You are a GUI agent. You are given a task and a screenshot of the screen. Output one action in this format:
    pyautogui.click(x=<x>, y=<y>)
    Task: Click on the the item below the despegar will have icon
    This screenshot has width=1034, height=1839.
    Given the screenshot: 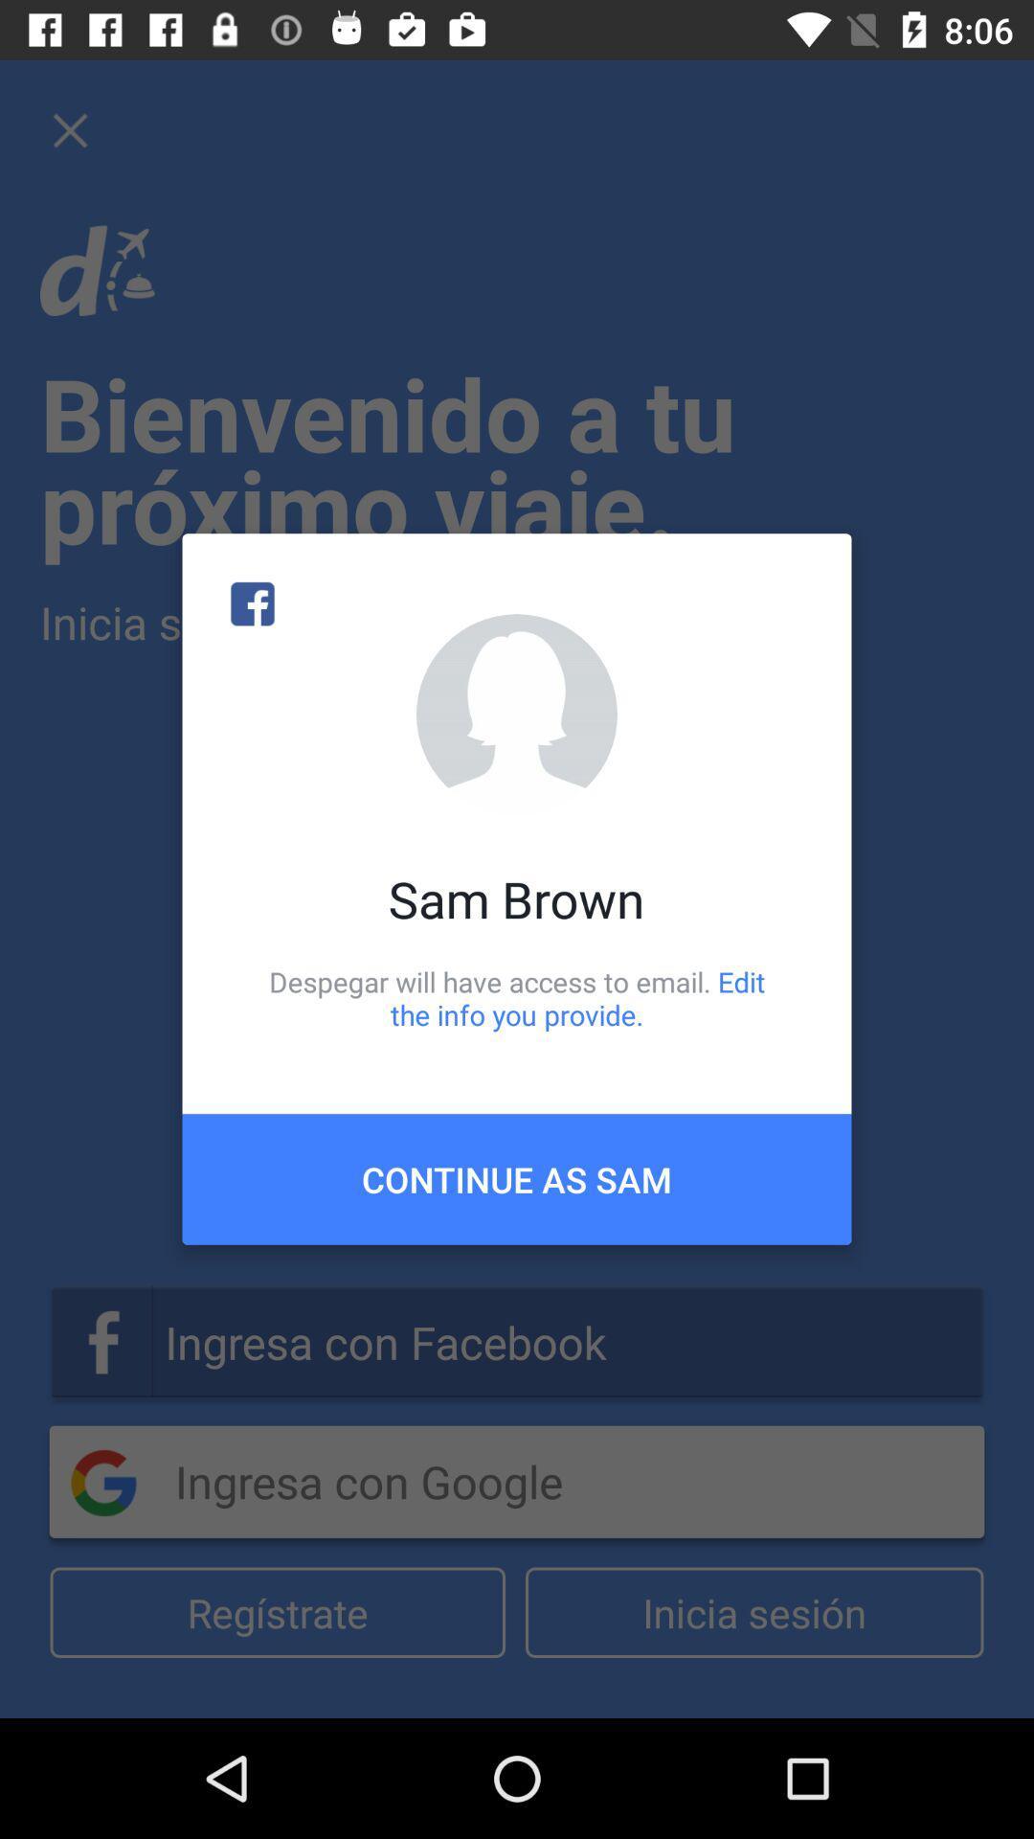 What is the action you would take?
    pyautogui.click(x=517, y=1178)
    